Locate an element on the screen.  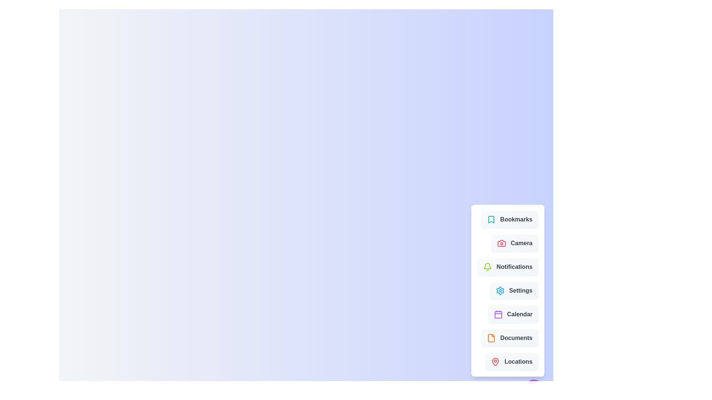
the menu item labeled 'Documents' to see its visual feedback is located at coordinates (509, 338).